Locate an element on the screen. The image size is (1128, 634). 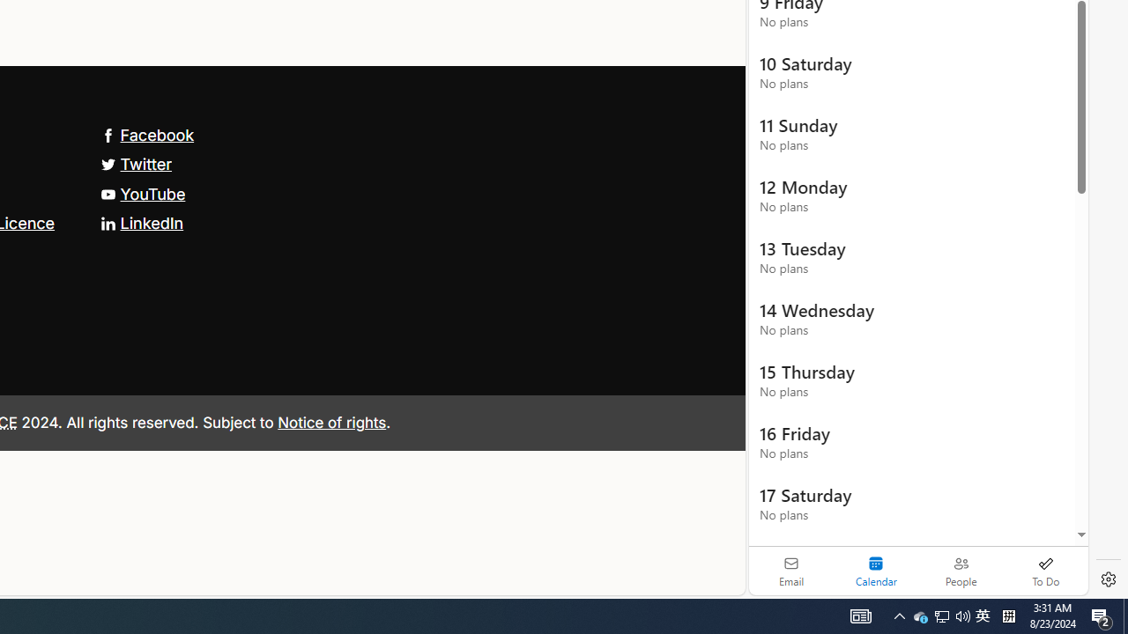
'Twitter' is located at coordinates (135, 164).